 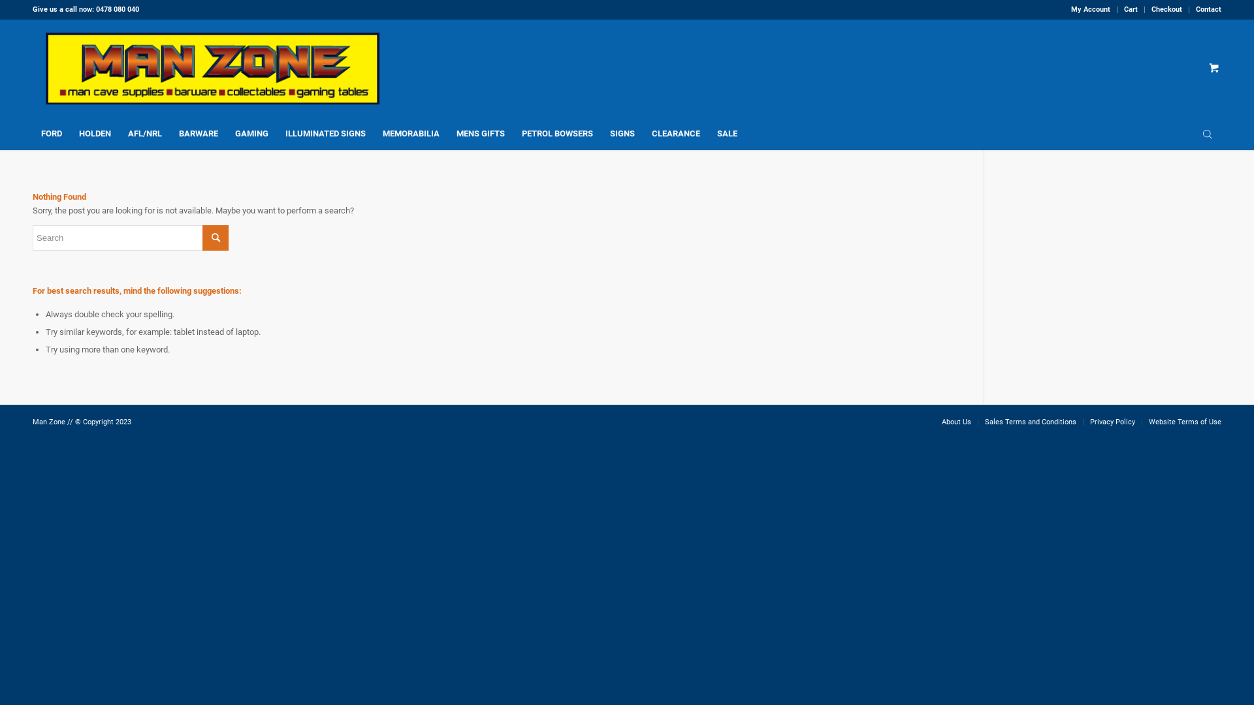 What do you see at coordinates (325, 133) in the screenshot?
I see `'ILLUMINATED SIGNS'` at bounding box center [325, 133].